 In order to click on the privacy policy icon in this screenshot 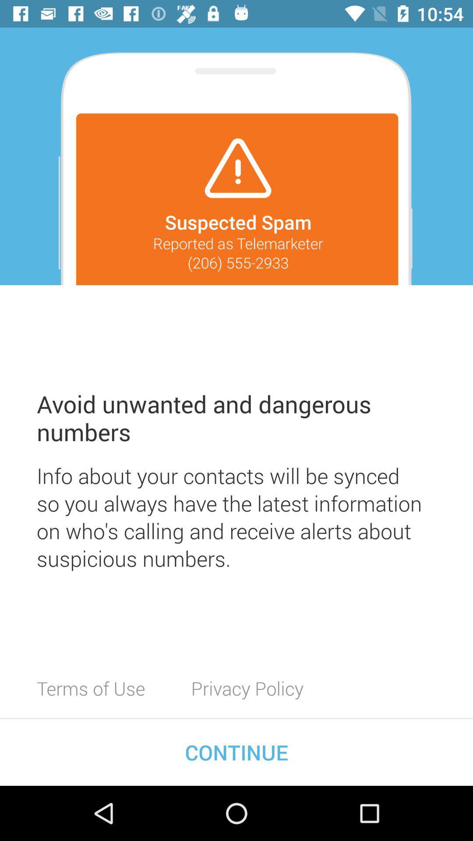, I will do `click(247, 688)`.